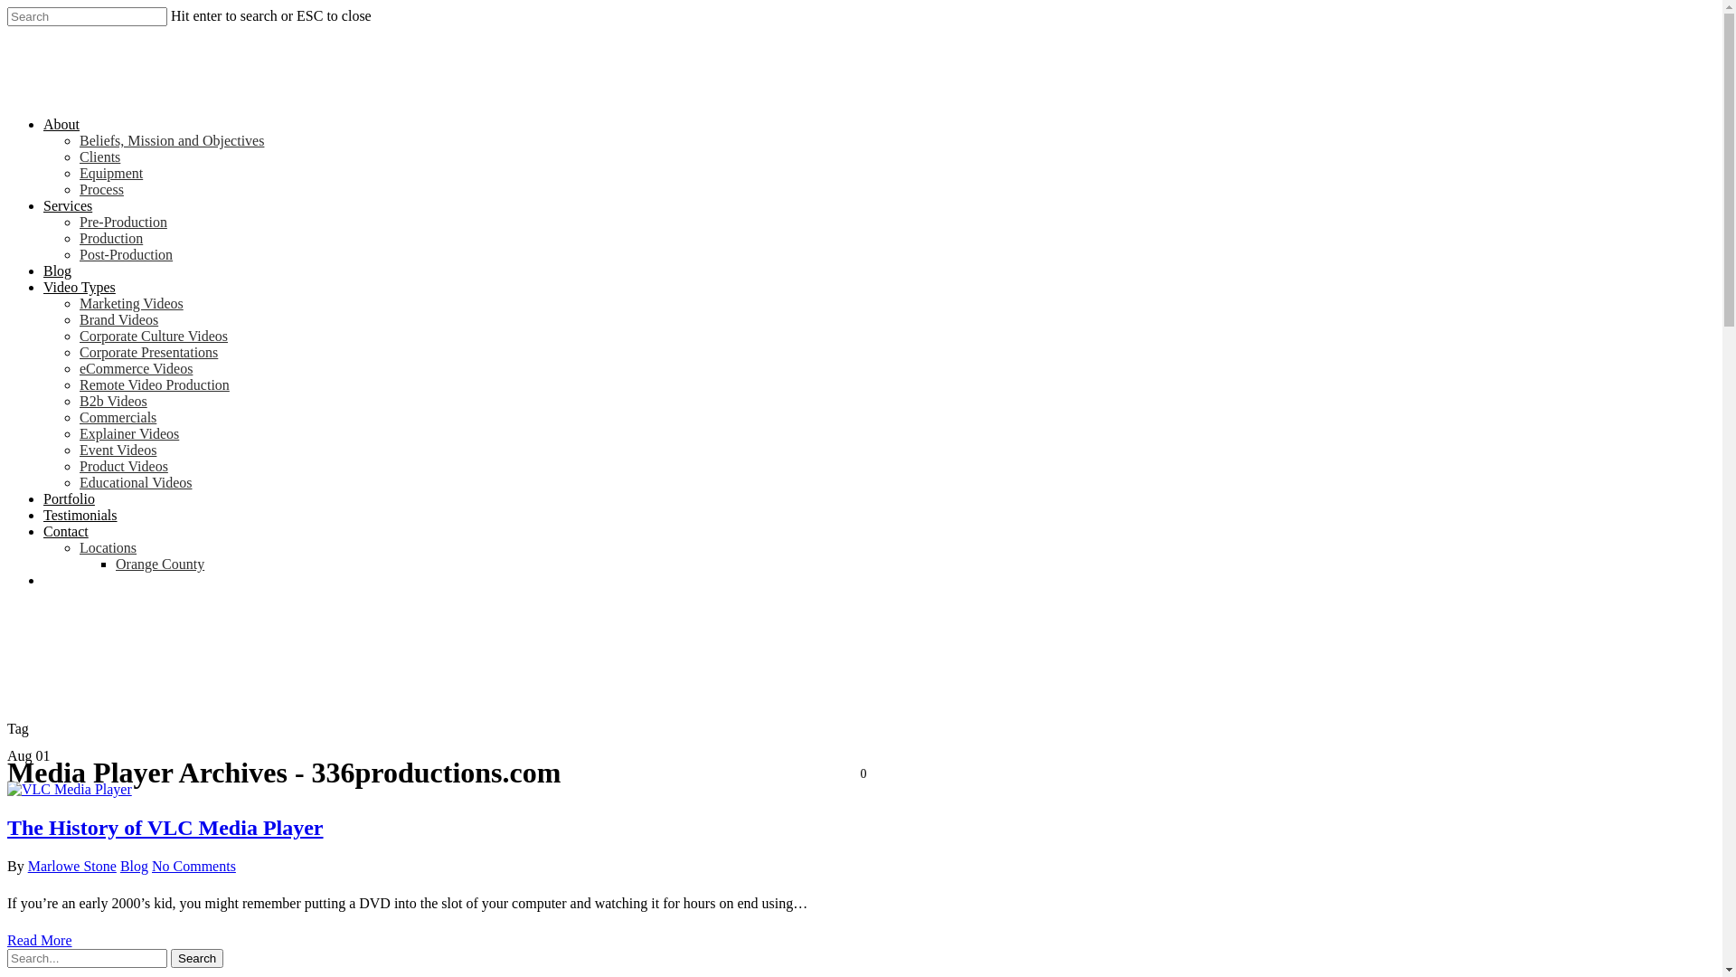  Describe the element at coordinates (78, 173) in the screenshot. I see `'Equipment'` at that location.